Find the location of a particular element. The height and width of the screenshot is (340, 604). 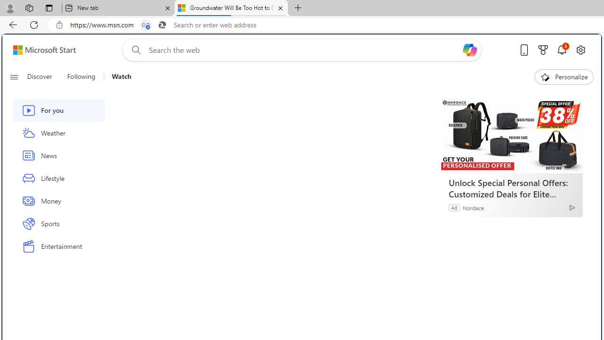

'Watch' is located at coordinates (121, 76).